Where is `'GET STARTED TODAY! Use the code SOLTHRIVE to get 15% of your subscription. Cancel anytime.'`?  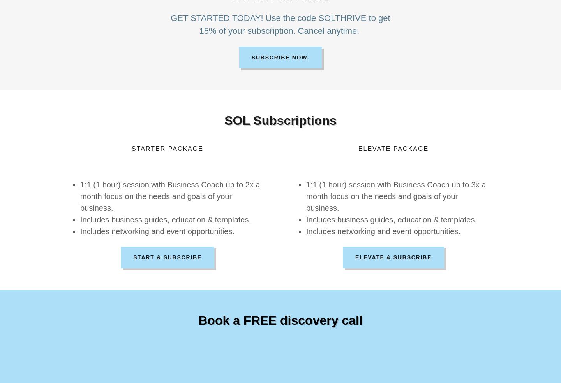 'GET STARTED TODAY! Use the code SOLTHRIVE to get 15% of your subscription. Cancel anytime.' is located at coordinates (280, 24).